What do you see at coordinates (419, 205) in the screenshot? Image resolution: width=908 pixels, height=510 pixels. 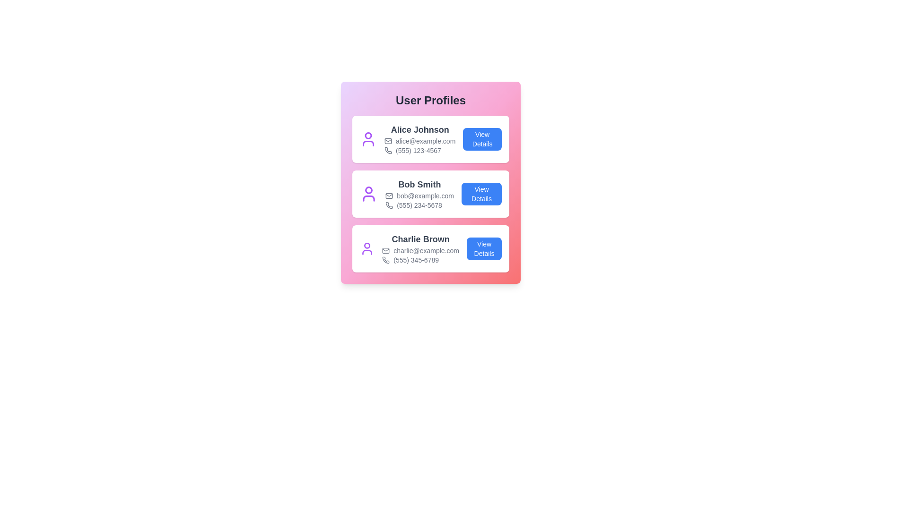 I see `the text content of phone for user Bob Smith` at bounding box center [419, 205].